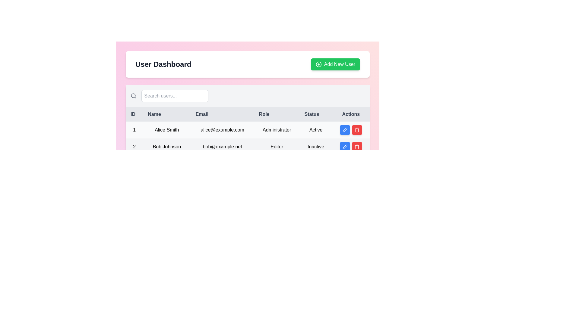 This screenshot has height=325, width=579. I want to click on the trash can icon, which is styled as a delete action and located within the 'Actions' column of the table row for 'Bob Johnson', so click(357, 130).